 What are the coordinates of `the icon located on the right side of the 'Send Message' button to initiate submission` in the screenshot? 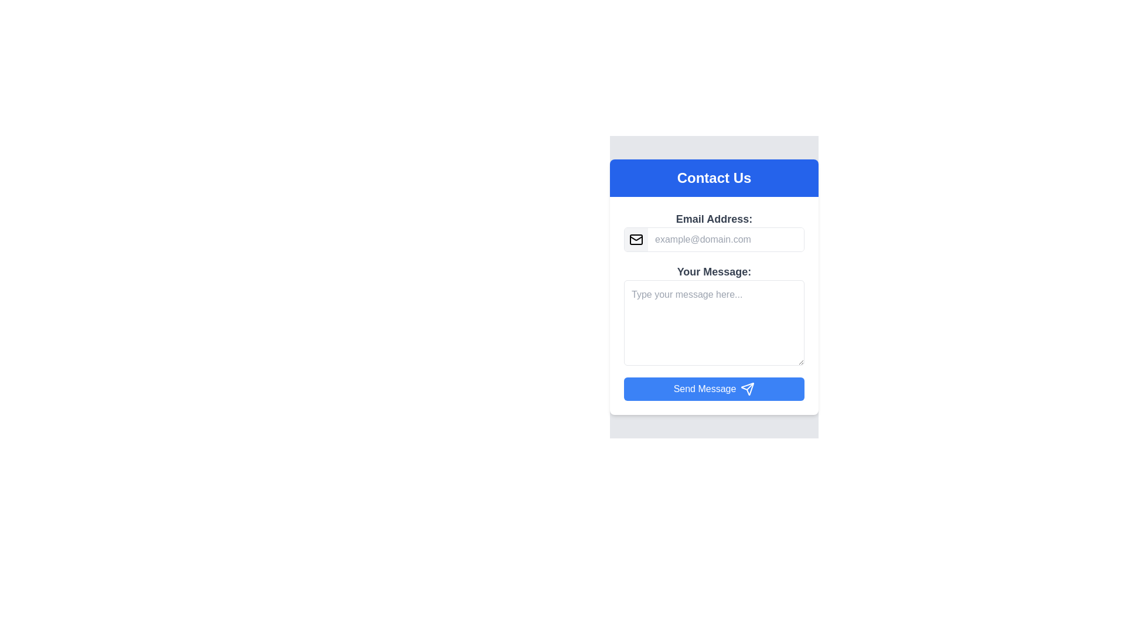 It's located at (747, 389).